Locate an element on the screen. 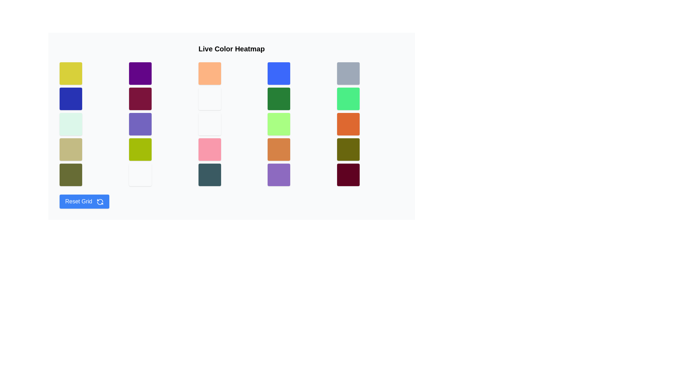 The height and width of the screenshot is (380, 677). the non-interactive box located in the first column, third row of the grid layout is located at coordinates (71, 124).